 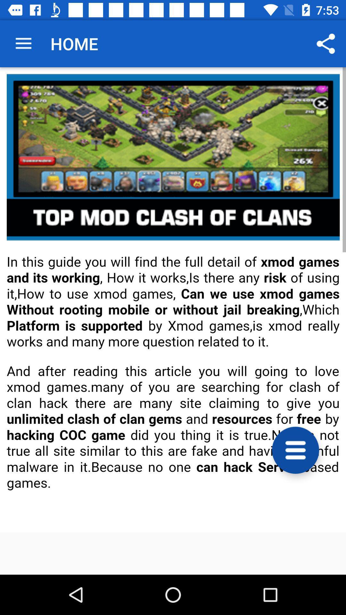 I want to click on show options, so click(x=295, y=450).